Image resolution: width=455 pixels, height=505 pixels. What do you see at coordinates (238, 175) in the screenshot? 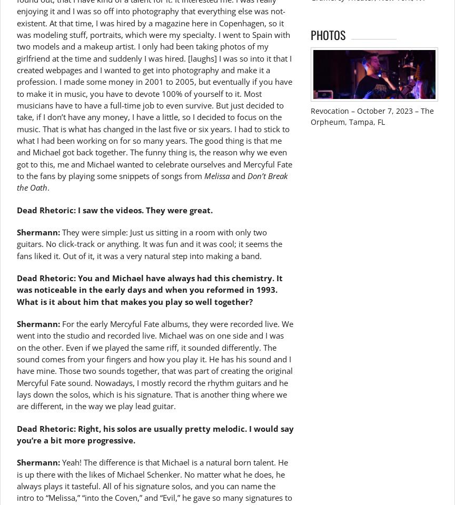
I see `'and'` at bounding box center [238, 175].